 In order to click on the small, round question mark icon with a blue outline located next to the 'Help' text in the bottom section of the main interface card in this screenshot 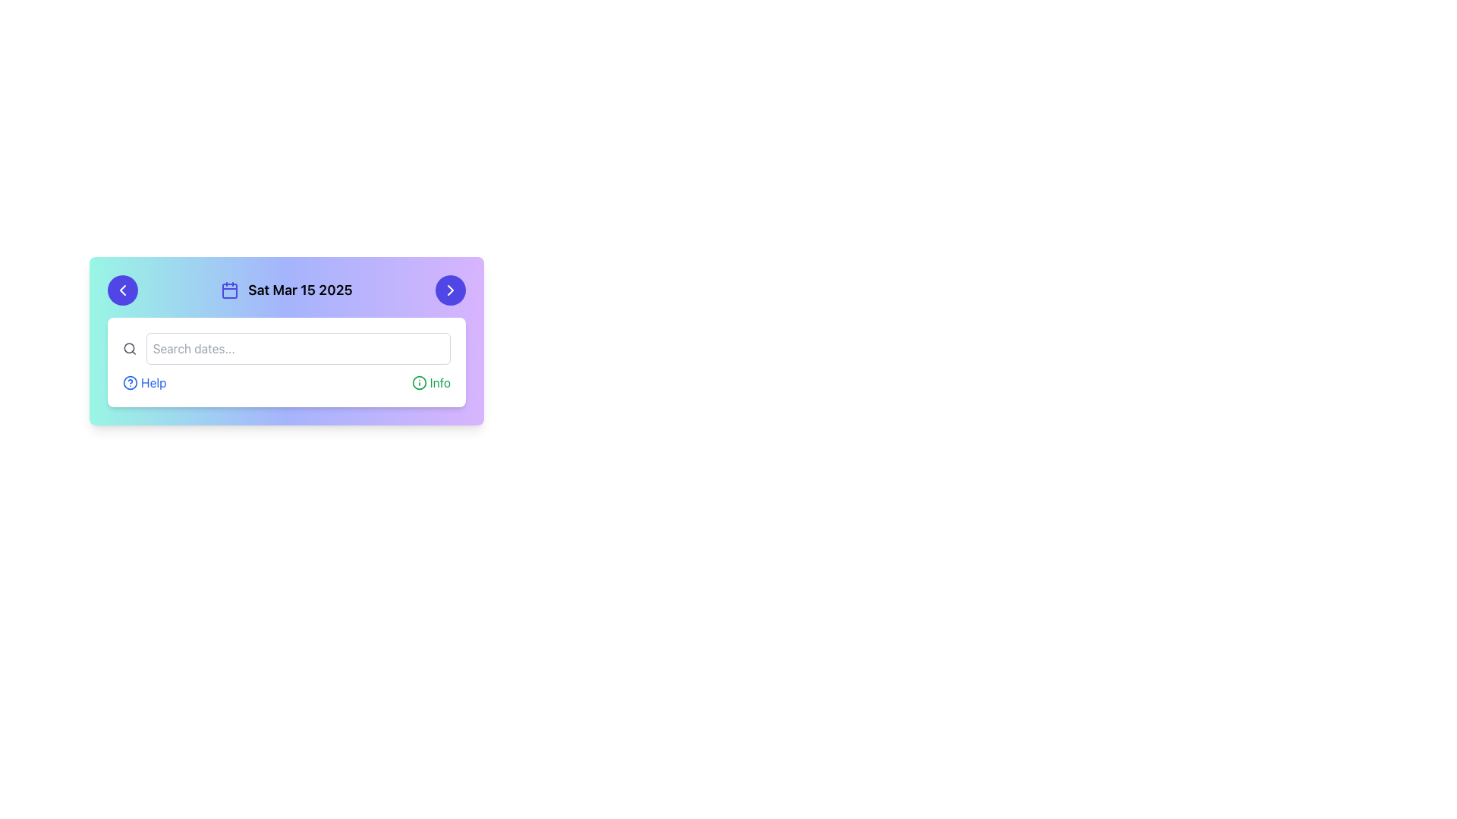, I will do `click(131, 382)`.